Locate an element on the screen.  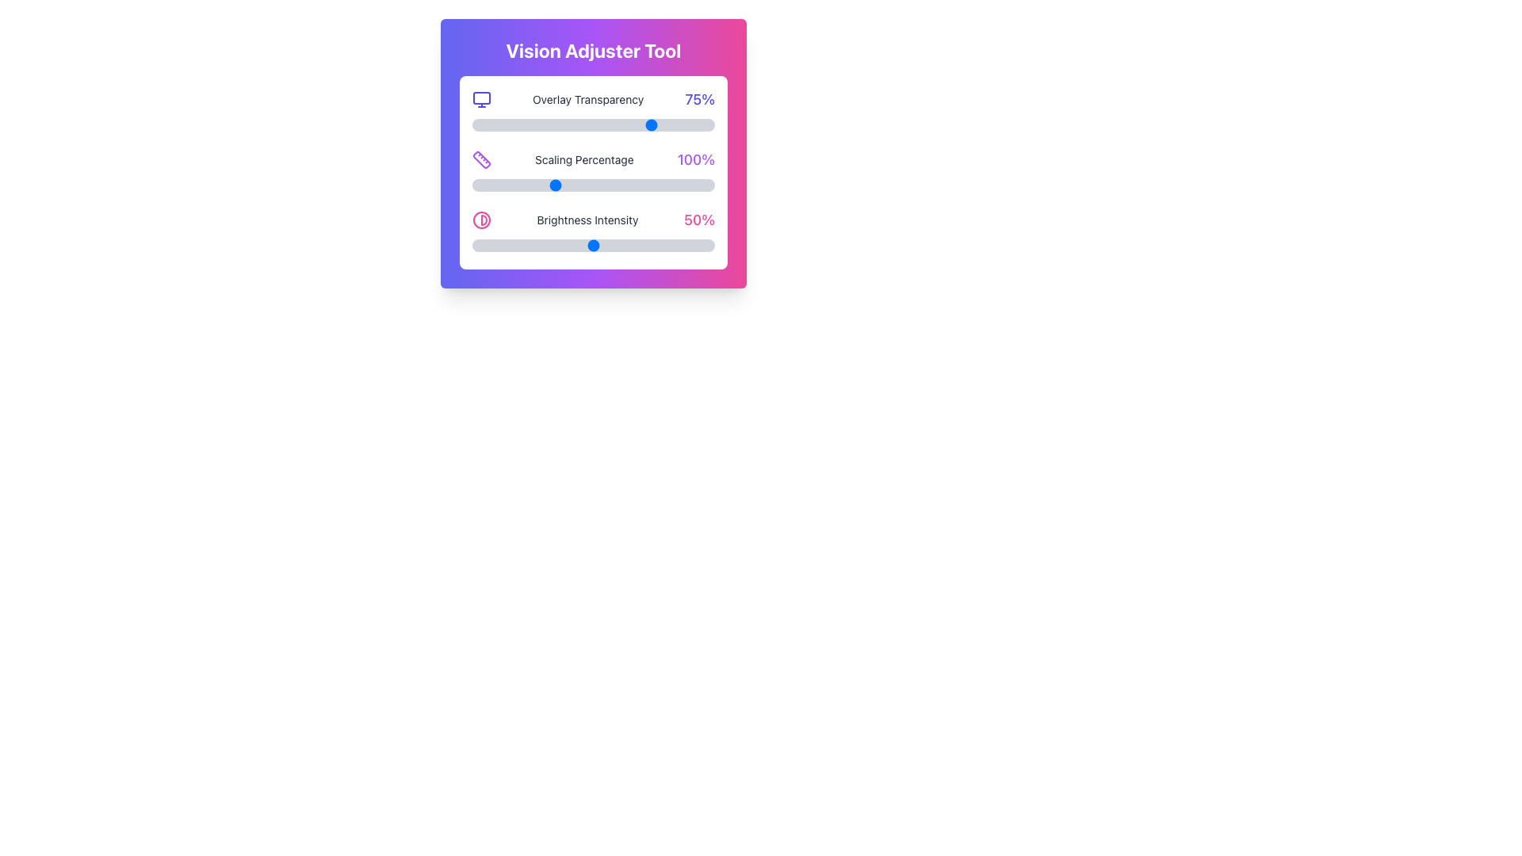
the Overlay Transparency slider is located at coordinates (659, 124).